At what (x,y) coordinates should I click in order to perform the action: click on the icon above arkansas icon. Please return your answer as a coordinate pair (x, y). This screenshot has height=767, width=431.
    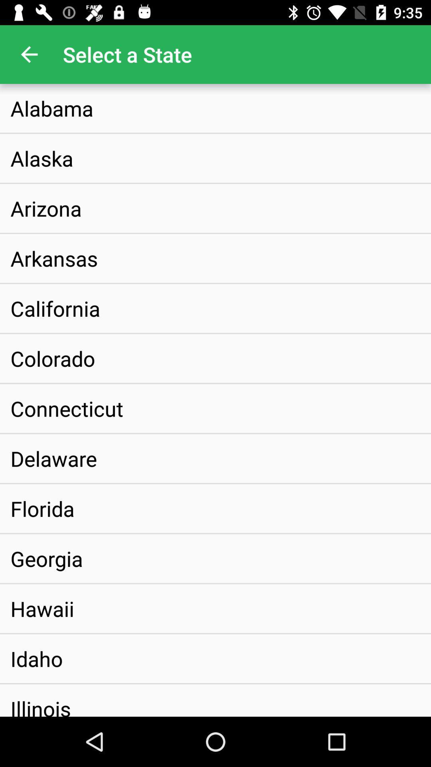
    Looking at the image, I should click on (46, 208).